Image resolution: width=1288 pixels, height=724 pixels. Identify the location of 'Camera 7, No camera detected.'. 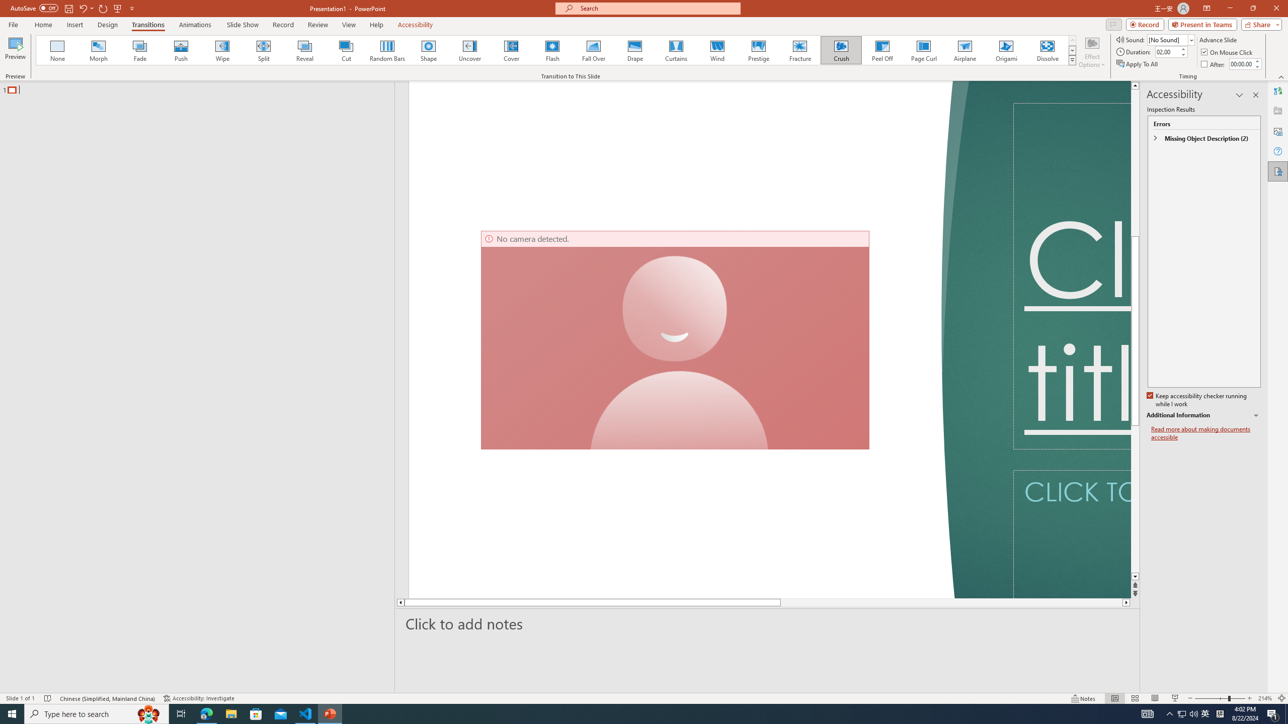
(675, 339).